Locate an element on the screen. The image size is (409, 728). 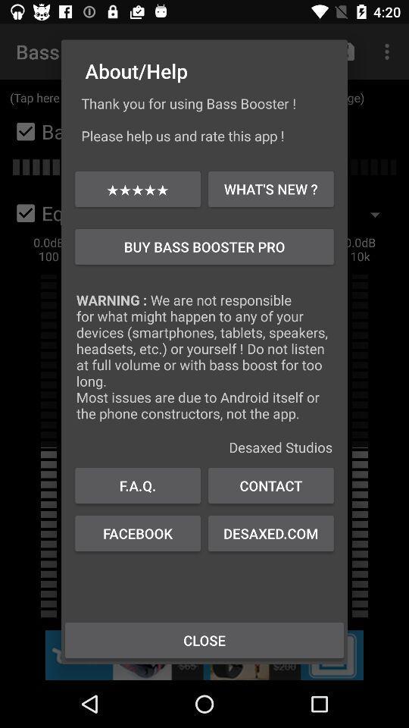
item next to the contact item is located at coordinates (138, 485).